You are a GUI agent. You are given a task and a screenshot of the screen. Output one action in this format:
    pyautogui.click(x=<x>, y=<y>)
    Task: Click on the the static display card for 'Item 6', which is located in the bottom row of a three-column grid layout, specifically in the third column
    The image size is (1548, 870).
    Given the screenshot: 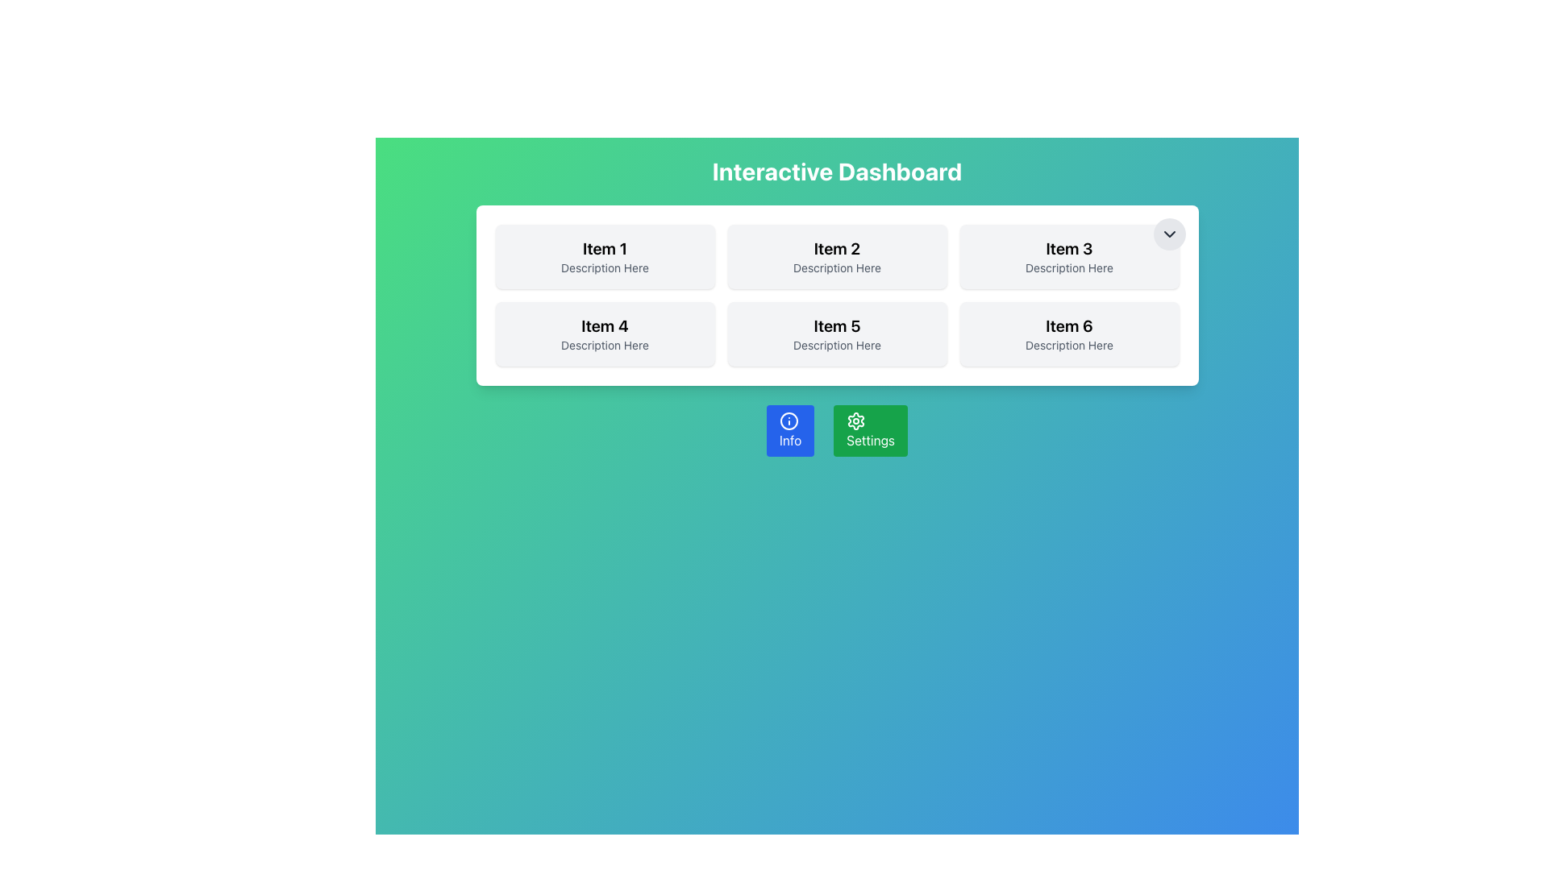 What is the action you would take?
    pyautogui.click(x=1069, y=333)
    